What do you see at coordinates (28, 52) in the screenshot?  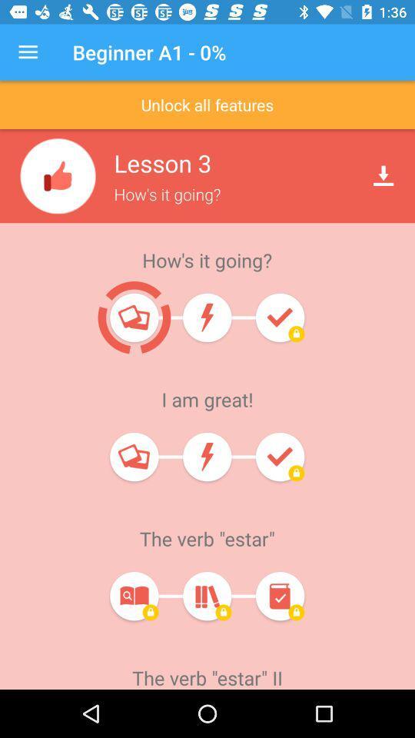 I see `the item above the unlock all features` at bounding box center [28, 52].